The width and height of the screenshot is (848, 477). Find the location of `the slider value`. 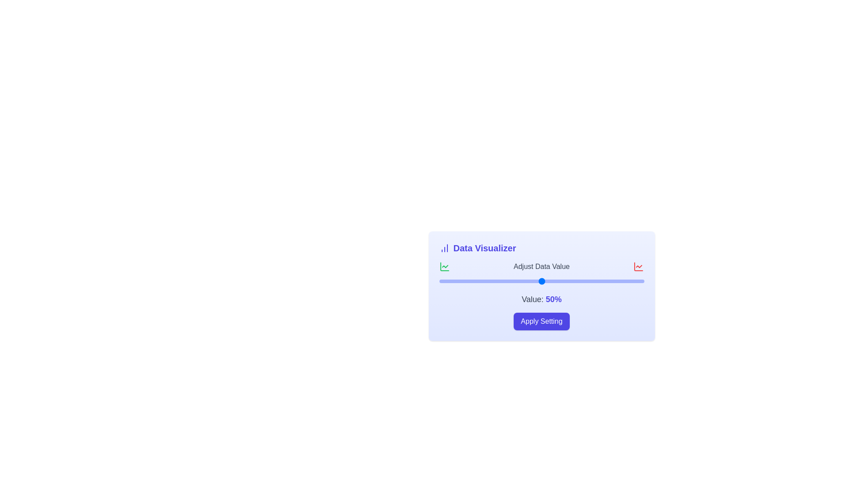

the slider value is located at coordinates (439, 281).